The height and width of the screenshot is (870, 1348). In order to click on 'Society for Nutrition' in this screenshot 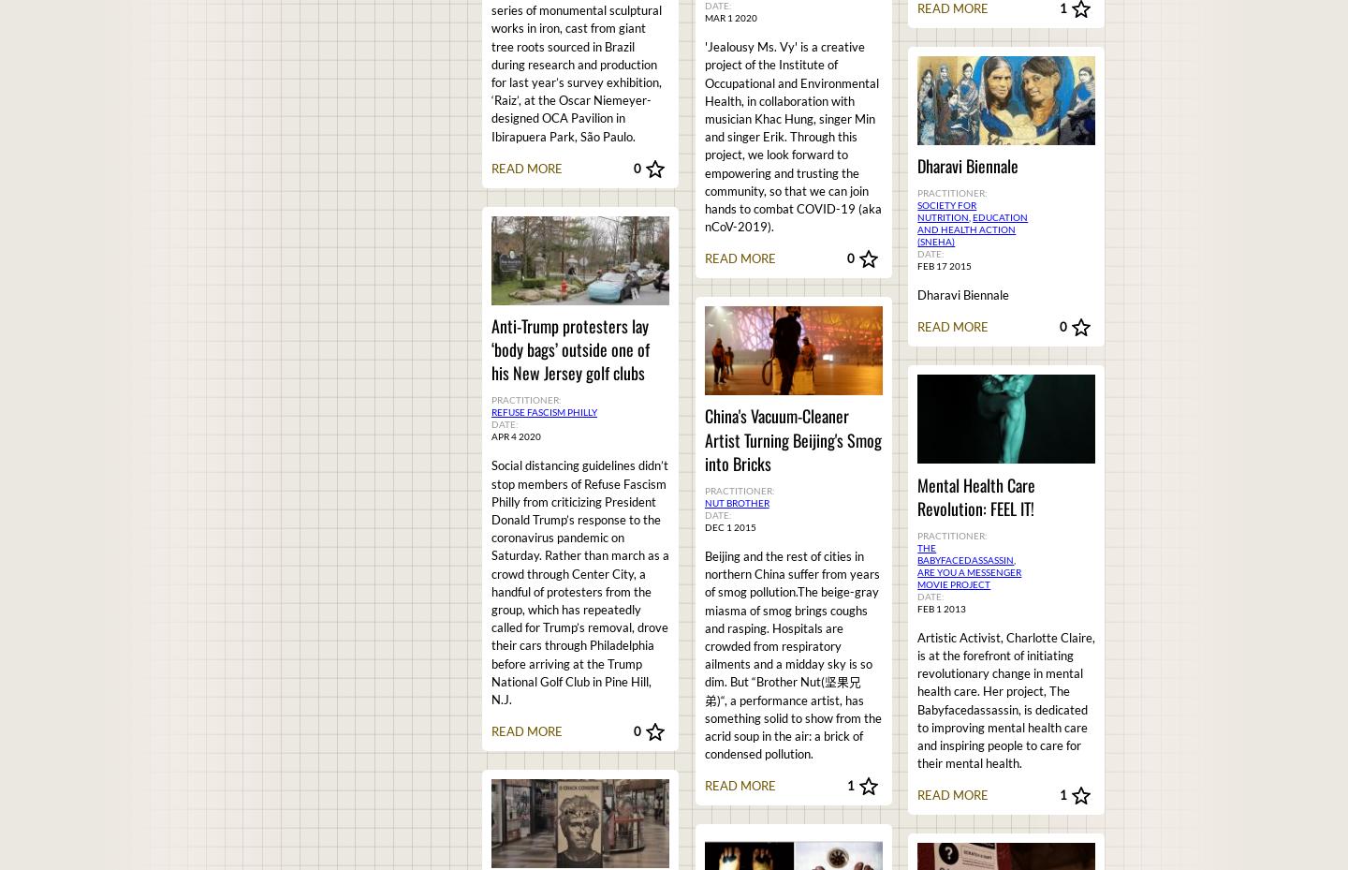, I will do `click(945, 210)`.